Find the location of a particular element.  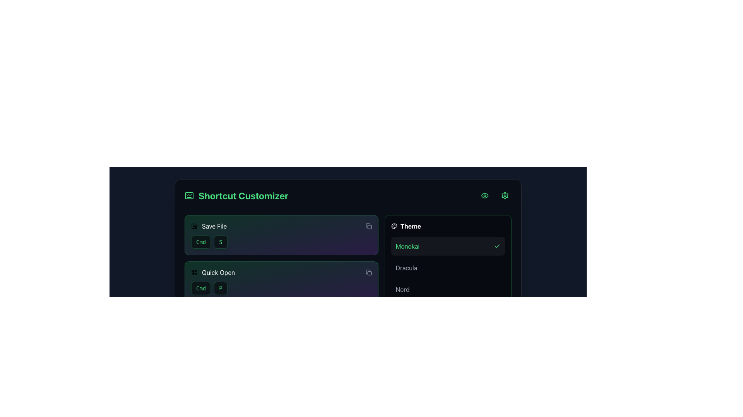

the 'Copy' button located at the rightmost end of the 'Save File' row in the 'Shortcut Customizer' section to observe styling changes is located at coordinates (368, 226).